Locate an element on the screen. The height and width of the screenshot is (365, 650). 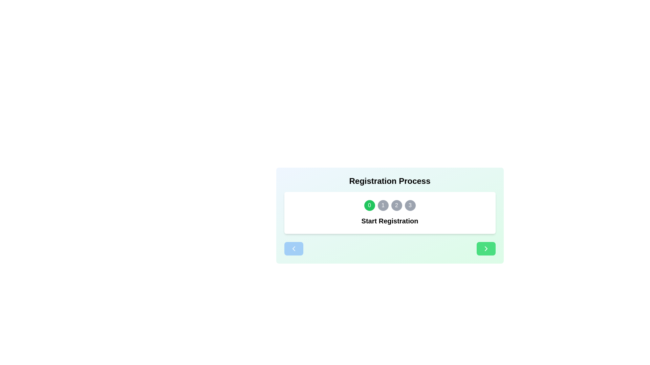
the right navigation button is located at coordinates (485, 249).